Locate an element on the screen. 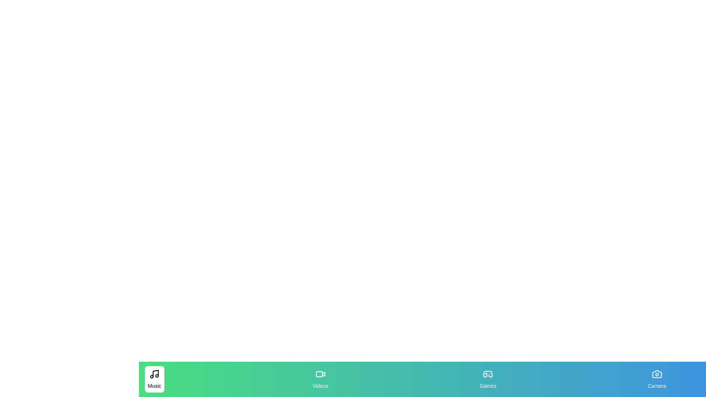  the Games tab to observe its hover effect is located at coordinates (488, 379).